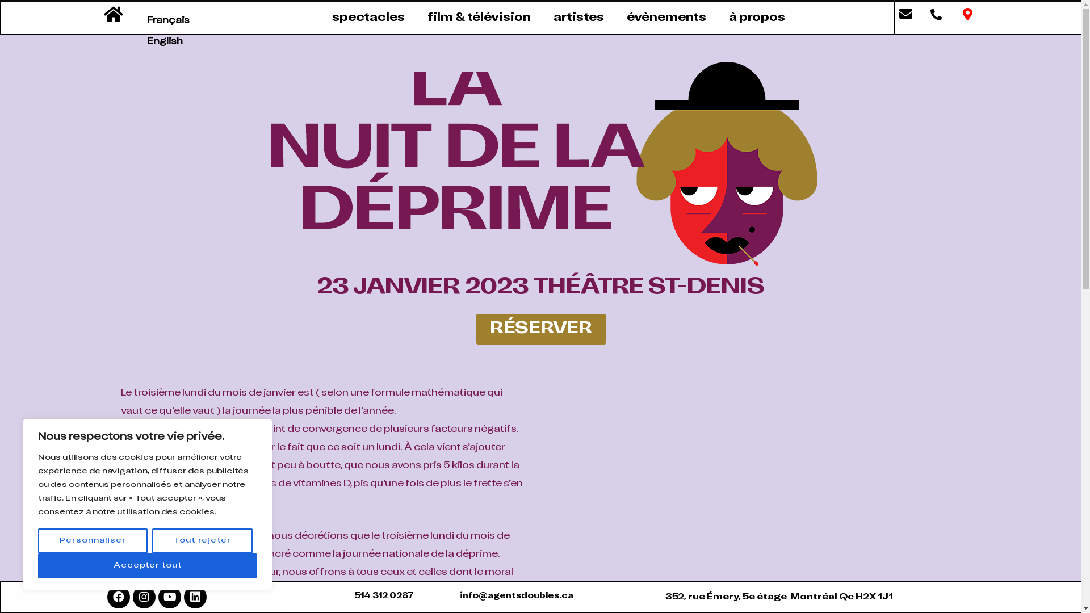  I want to click on 'Tout rejeter', so click(152, 540).